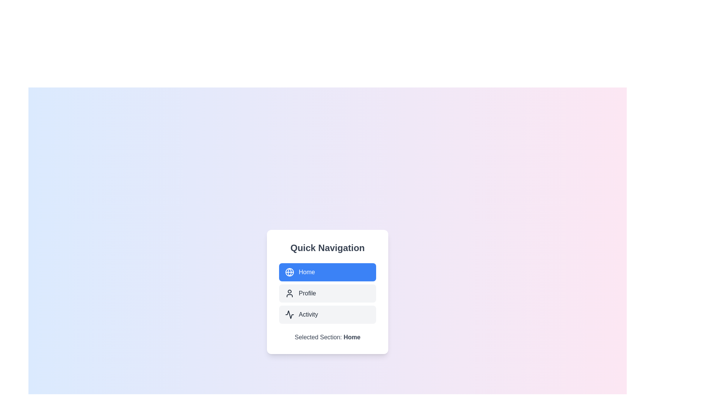 This screenshot has width=728, height=409. What do you see at coordinates (307, 293) in the screenshot?
I see `the 'Profile' label element, which is styled in dark gray and positioned in the vertical navigation list between 'Home' and 'Activity'` at bounding box center [307, 293].